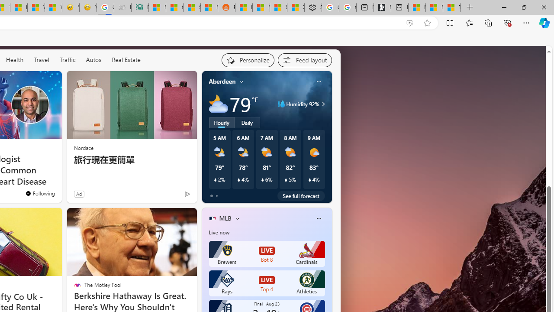 This screenshot has height=312, width=554. What do you see at coordinates (14, 59) in the screenshot?
I see `'Health'` at bounding box center [14, 59].